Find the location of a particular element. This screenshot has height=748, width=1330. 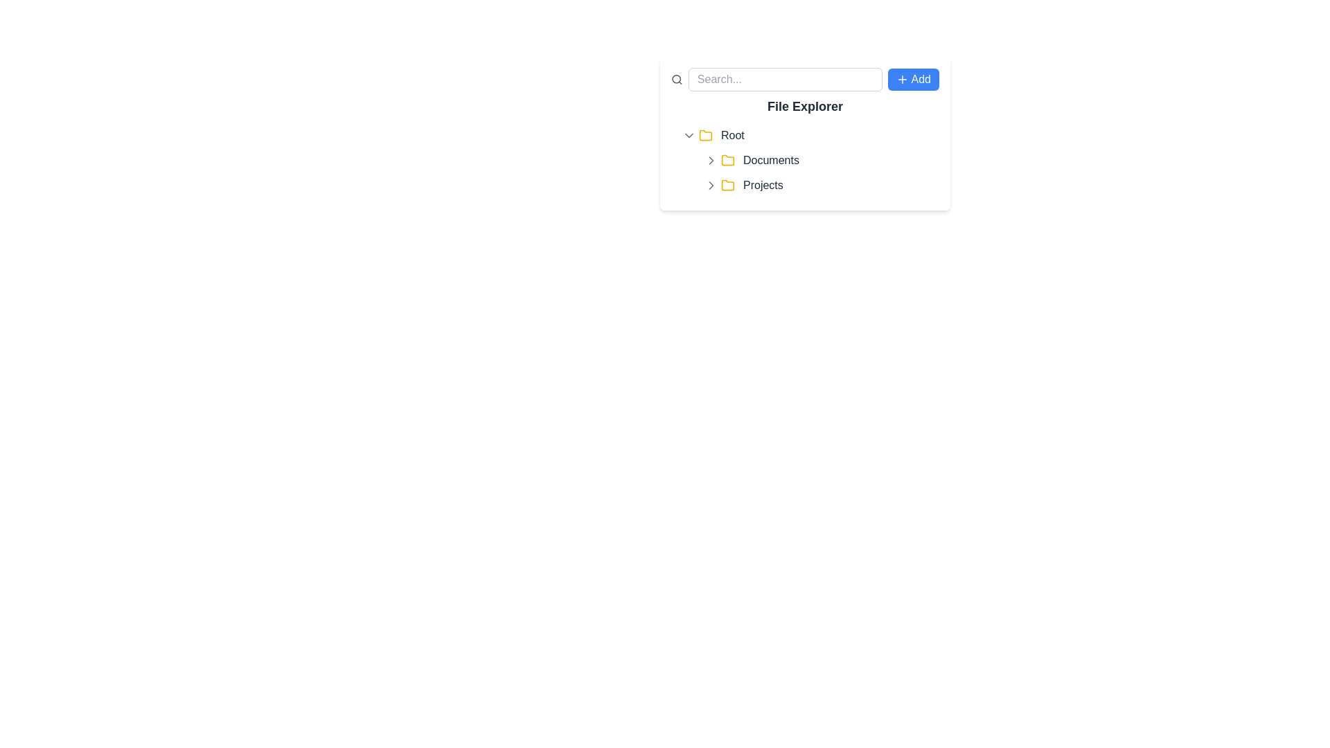

the rightward-pointing chevron icon located to the left of the 'Projects' label is located at coordinates (711, 184).